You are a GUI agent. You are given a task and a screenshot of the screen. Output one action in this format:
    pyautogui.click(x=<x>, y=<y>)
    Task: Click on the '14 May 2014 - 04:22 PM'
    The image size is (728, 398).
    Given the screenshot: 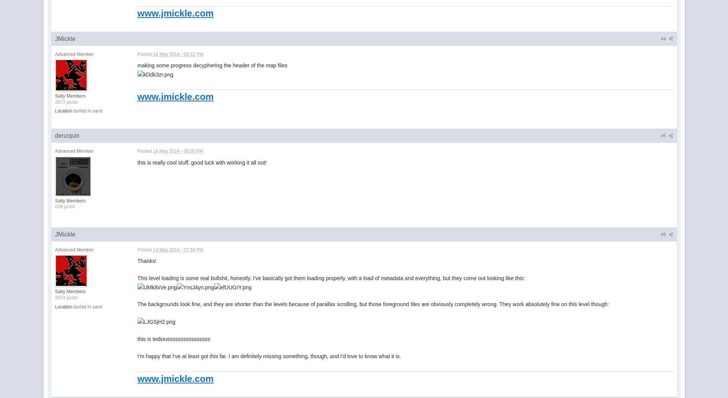 What is the action you would take?
    pyautogui.click(x=152, y=54)
    